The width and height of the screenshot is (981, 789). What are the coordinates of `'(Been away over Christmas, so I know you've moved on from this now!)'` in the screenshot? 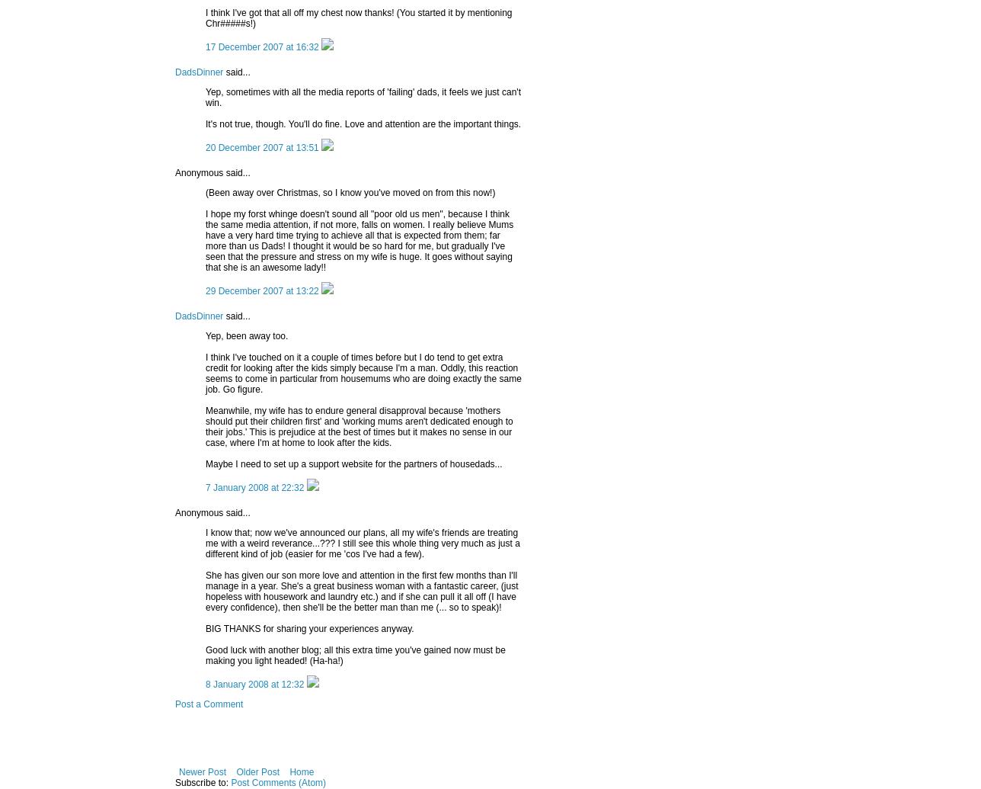 It's located at (350, 192).